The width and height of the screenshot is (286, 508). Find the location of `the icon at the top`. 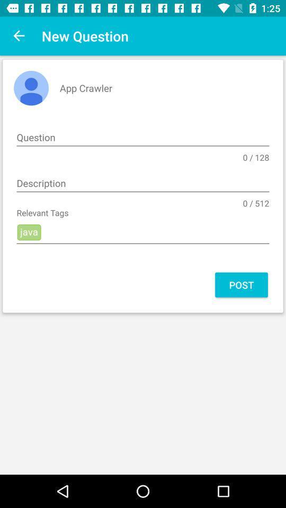

the icon at the top is located at coordinates (143, 137).